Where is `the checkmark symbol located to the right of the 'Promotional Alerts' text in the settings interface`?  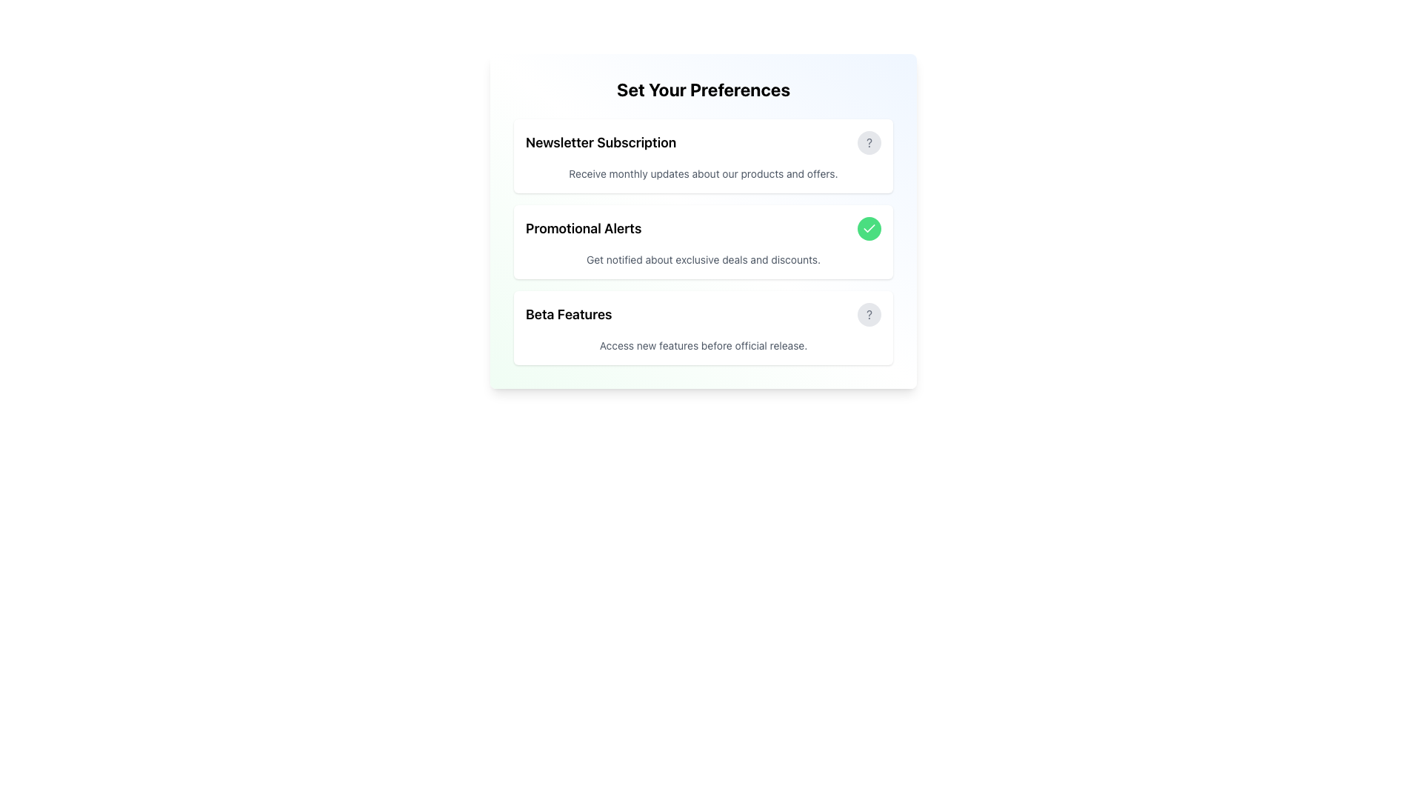 the checkmark symbol located to the right of the 'Promotional Alerts' text in the settings interface is located at coordinates (869, 228).